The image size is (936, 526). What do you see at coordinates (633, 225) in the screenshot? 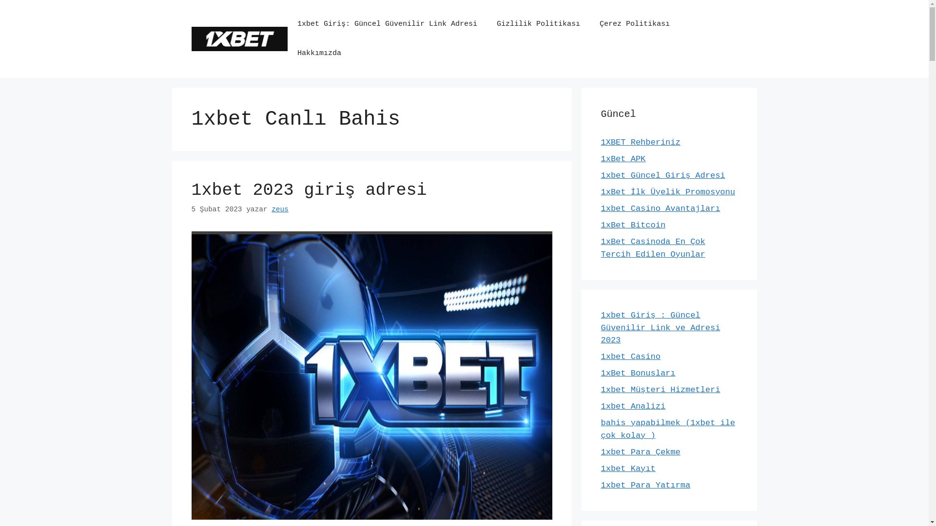
I see `'1xBet Bitcoin'` at bounding box center [633, 225].